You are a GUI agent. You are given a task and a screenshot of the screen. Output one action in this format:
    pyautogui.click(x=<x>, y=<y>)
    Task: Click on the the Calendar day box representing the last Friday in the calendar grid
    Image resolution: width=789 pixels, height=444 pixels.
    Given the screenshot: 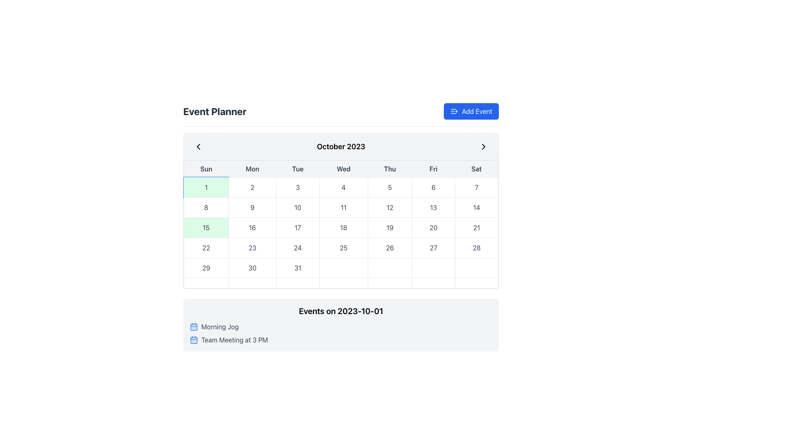 What is the action you would take?
    pyautogui.click(x=433, y=283)
    